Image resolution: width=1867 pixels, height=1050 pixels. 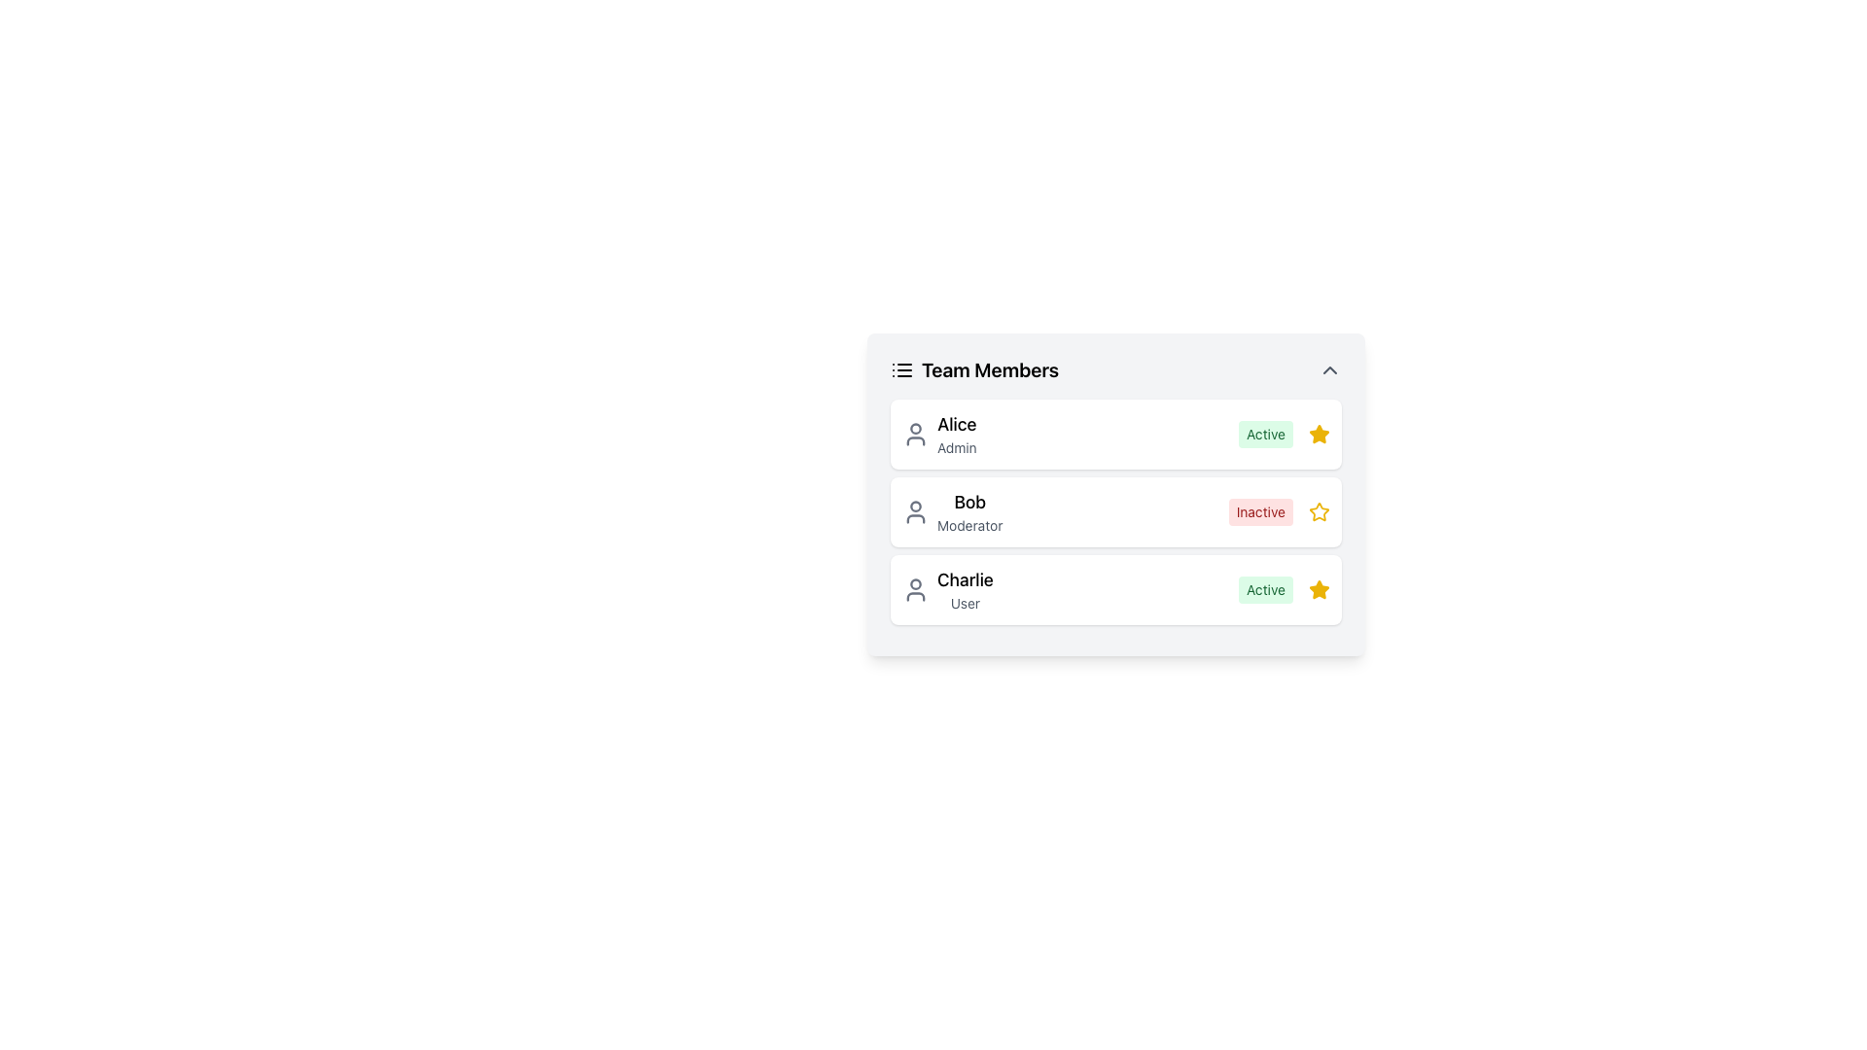 What do you see at coordinates (900, 370) in the screenshot?
I see `the team members icon located to the left of the 'Team Members' heading` at bounding box center [900, 370].